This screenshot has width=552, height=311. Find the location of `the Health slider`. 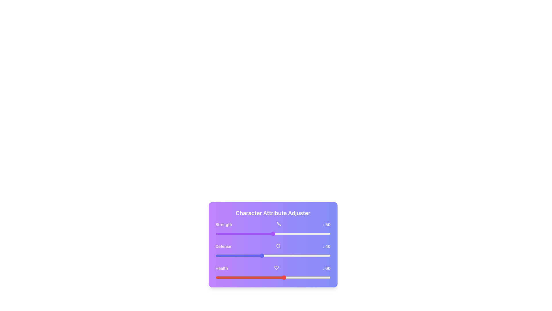

the Health slider is located at coordinates (238, 277).